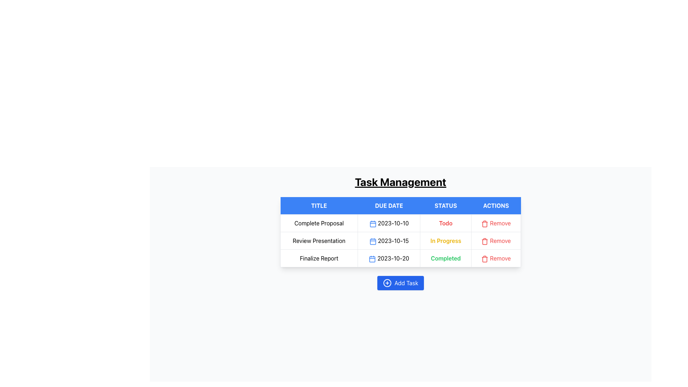  I want to click on the red trash bin icon button located in the 'Actions' column for the 'Review Presentation' task, so click(485, 241).